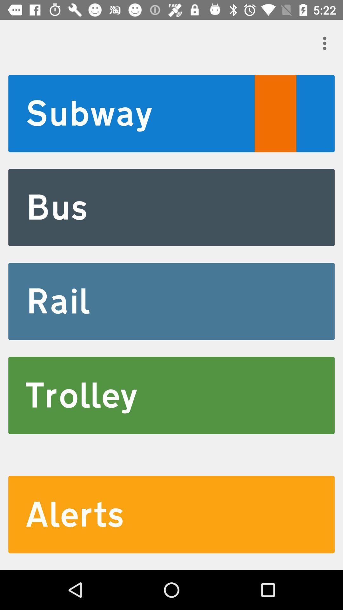  What do you see at coordinates (171, 301) in the screenshot?
I see `item below the bus item` at bounding box center [171, 301].